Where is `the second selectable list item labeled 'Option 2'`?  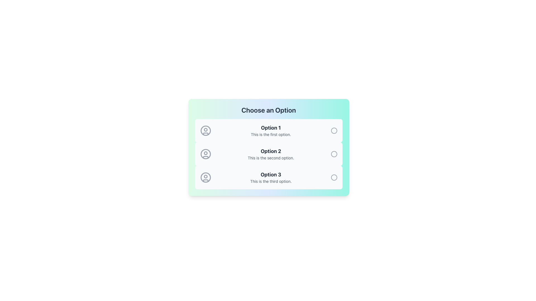
the second selectable list item labeled 'Option 2' is located at coordinates (269, 154).